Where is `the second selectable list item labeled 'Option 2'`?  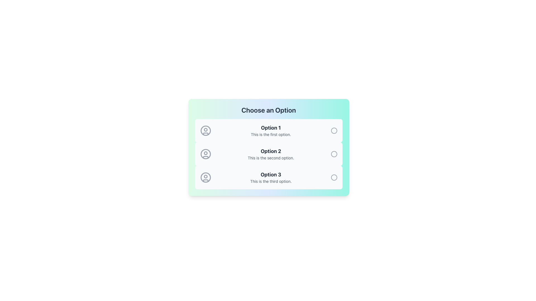
the second selectable list item labeled 'Option 2' is located at coordinates (269, 154).